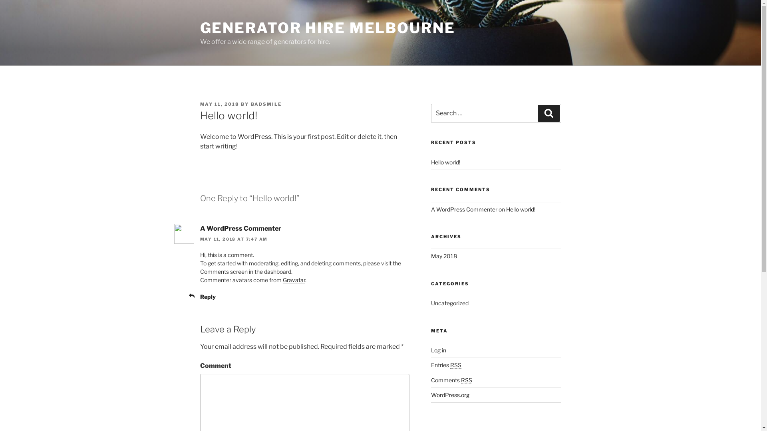 This screenshot has height=431, width=767. I want to click on 'BADSMILE', so click(266, 104).